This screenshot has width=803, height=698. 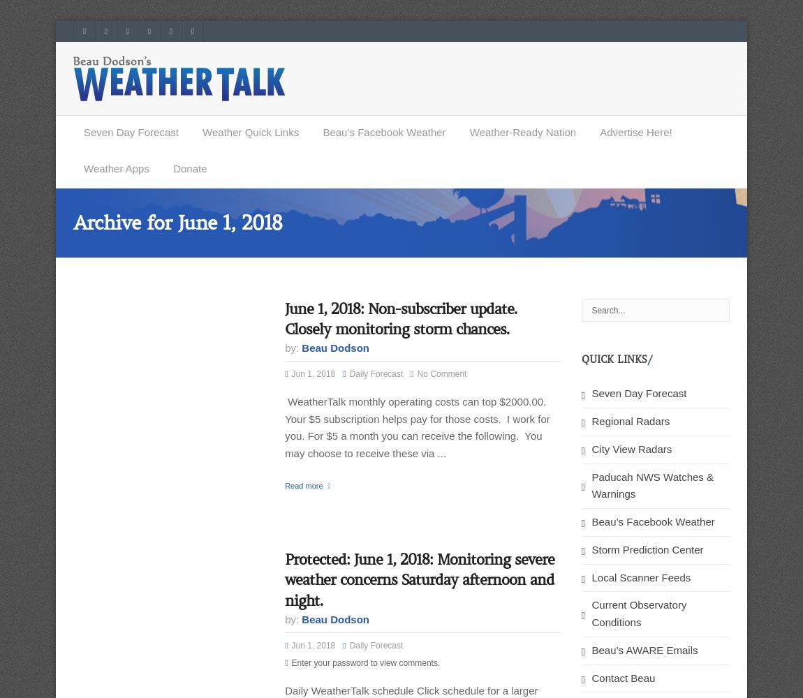 What do you see at coordinates (590, 549) in the screenshot?
I see `'Storm Prediction Center'` at bounding box center [590, 549].